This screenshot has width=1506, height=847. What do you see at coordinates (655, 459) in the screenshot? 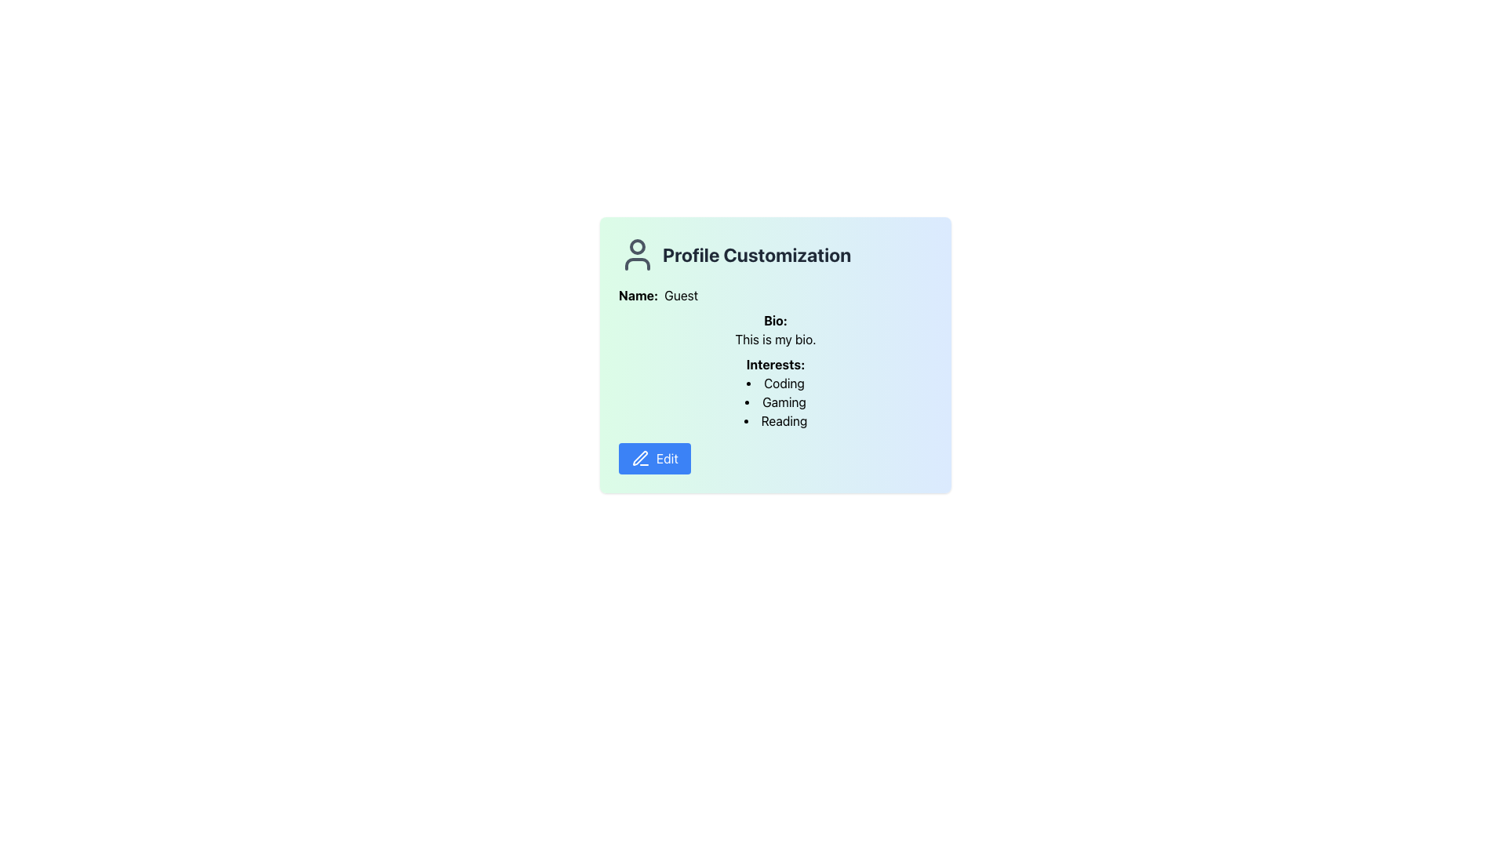
I see `the 'Edit' button with a blue background and white text to trigger hover effects` at bounding box center [655, 459].